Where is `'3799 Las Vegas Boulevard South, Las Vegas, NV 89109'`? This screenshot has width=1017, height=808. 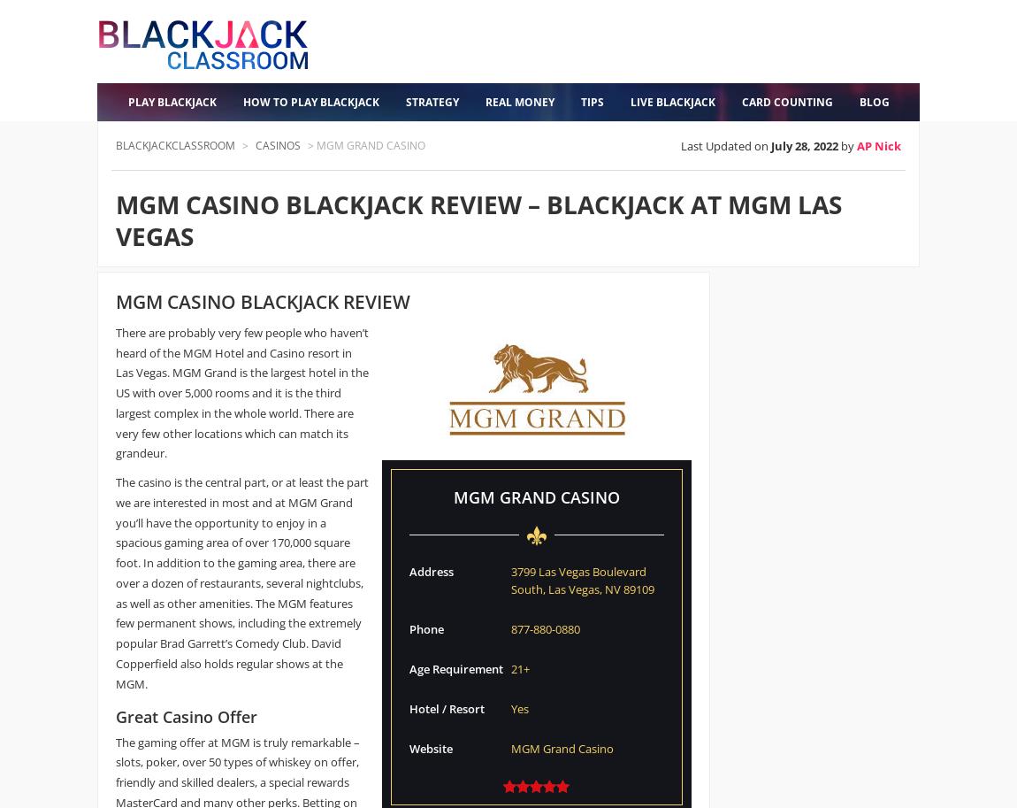
'3799 Las Vegas Boulevard South, Las Vegas, NV 89109' is located at coordinates (581, 579).